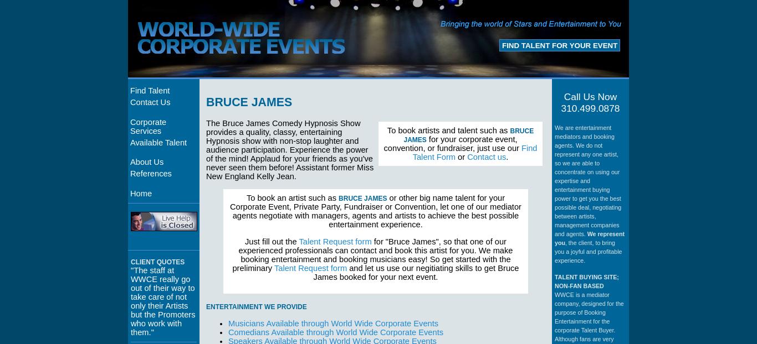 The image size is (757, 344). I want to click on 'Musicians Available through World Wide Corporate Events', so click(333, 322).